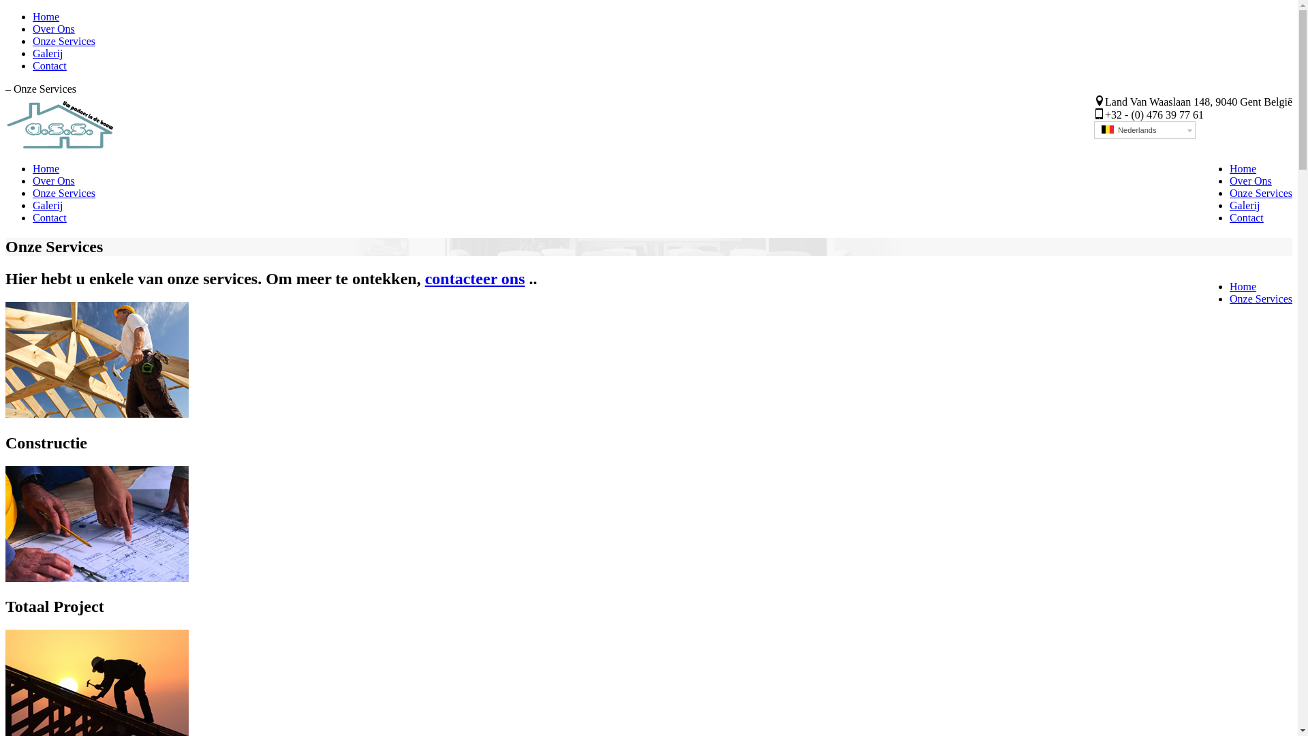  Describe the element at coordinates (53, 180) in the screenshot. I see `'Over Ons'` at that location.